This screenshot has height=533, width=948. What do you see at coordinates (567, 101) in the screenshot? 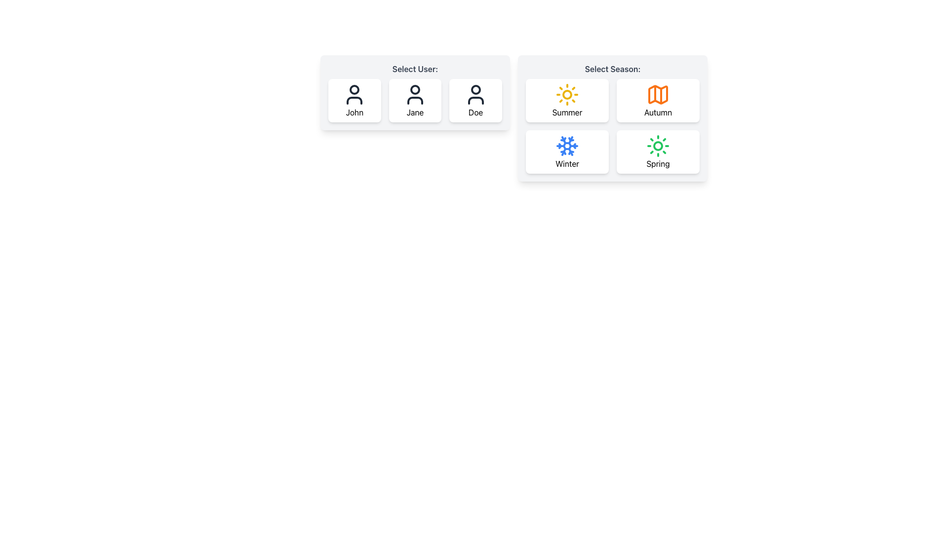
I see `the 'Summer' season selection button located in the top-left cell of the season selection grid` at bounding box center [567, 101].